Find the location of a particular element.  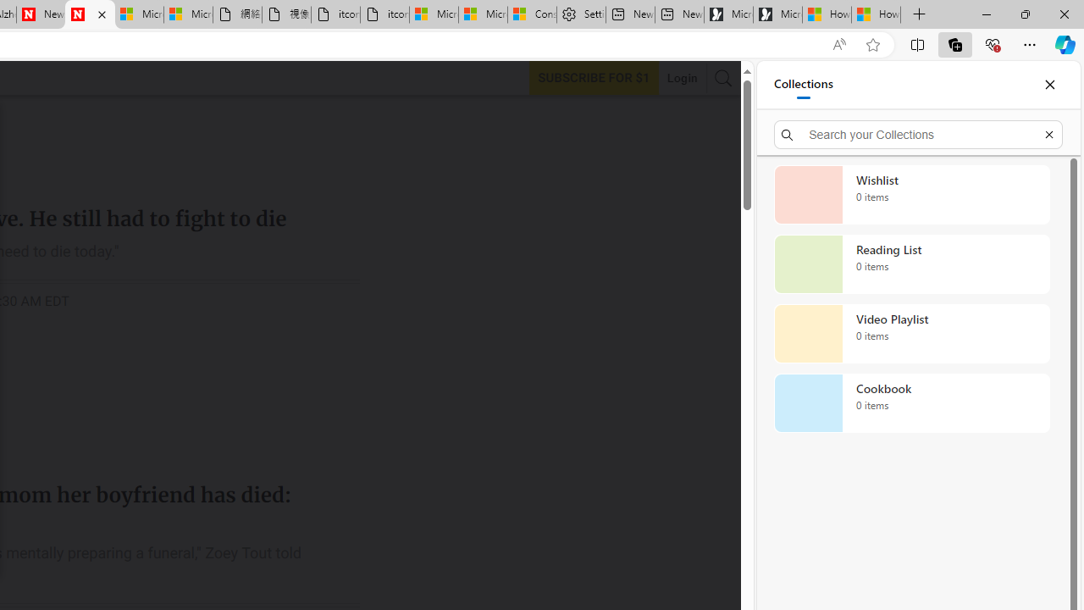

'Reading List collection, 0 items' is located at coordinates (911, 264).